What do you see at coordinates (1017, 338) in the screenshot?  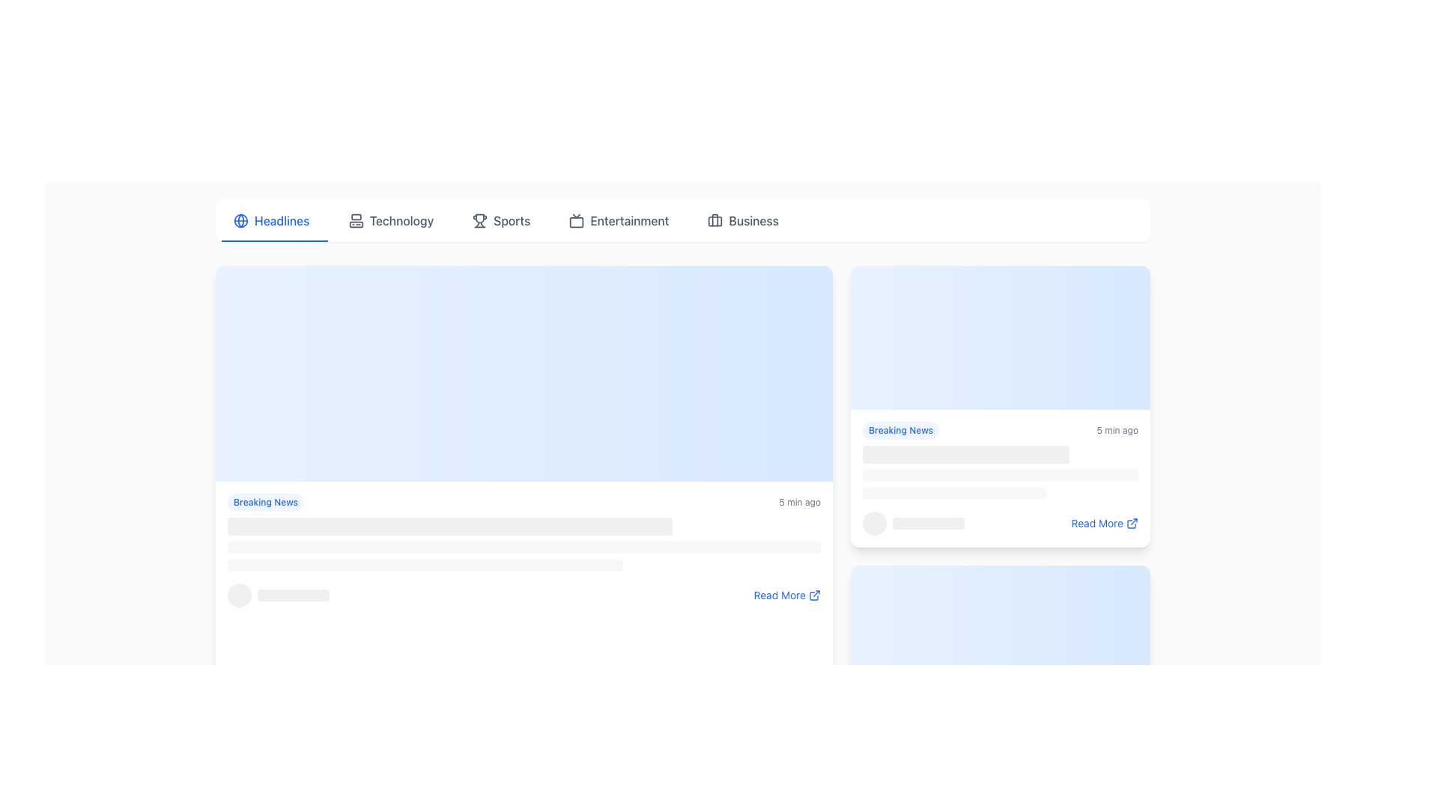 I see `the share action button located in the top-right quadrant of the secondary content card` at bounding box center [1017, 338].